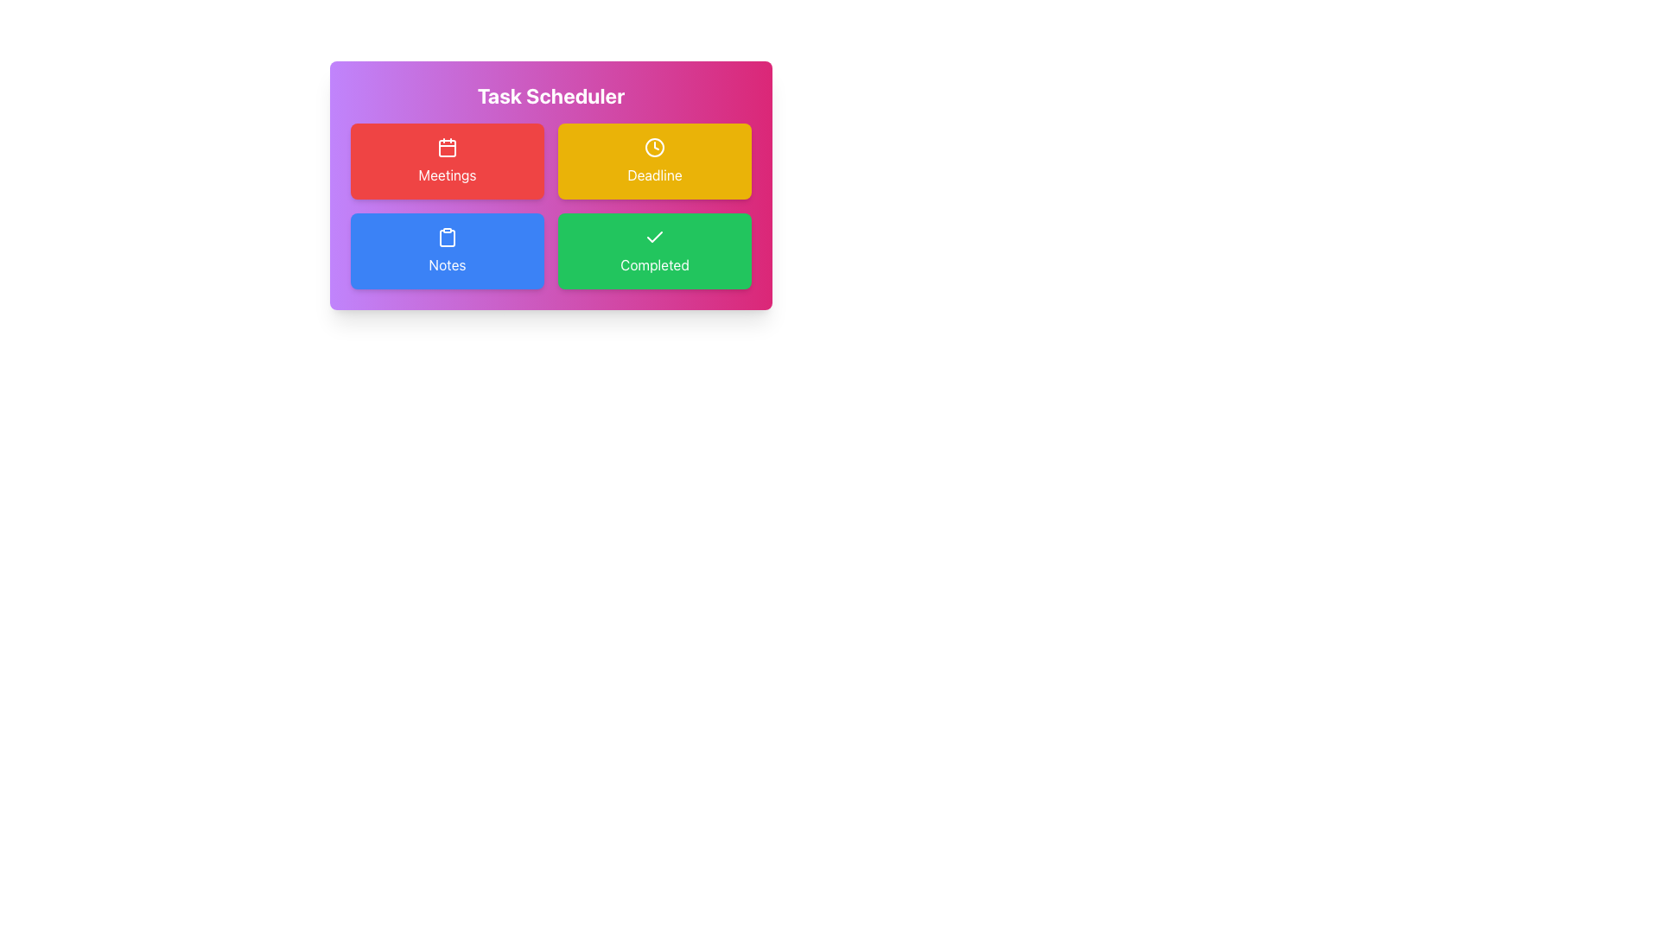 Image resolution: width=1659 pixels, height=933 pixels. Describe the element at coordinates (448, 161) in the screenshot. I see `the 'Meetings' button, which is a red rectangular button with white text and a calendar icon` at that location.